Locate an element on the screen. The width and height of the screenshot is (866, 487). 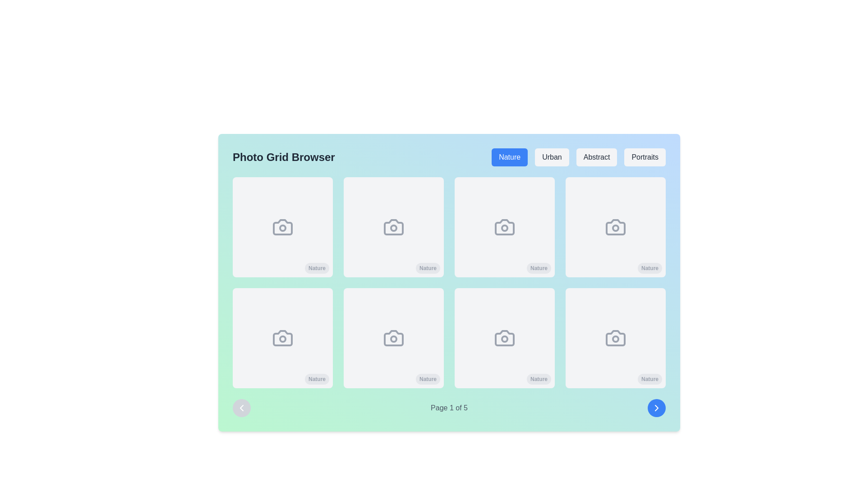
the camera icon located is located at coordinates (394, 338).